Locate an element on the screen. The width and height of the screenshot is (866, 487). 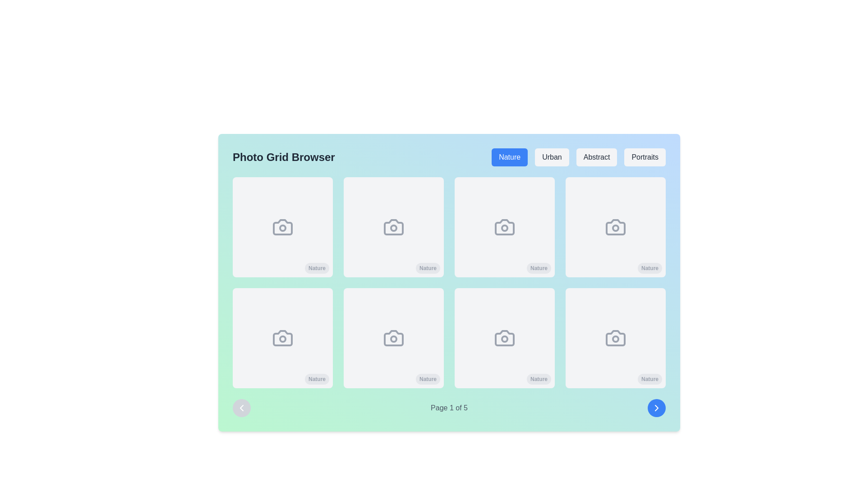
the camera icon located is located at coordinates (394, 338).